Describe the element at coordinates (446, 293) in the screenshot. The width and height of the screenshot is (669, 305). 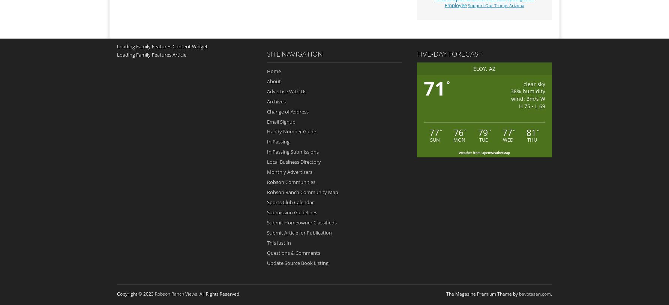
I see `'The Magazine Premium Theme by'` at that location.